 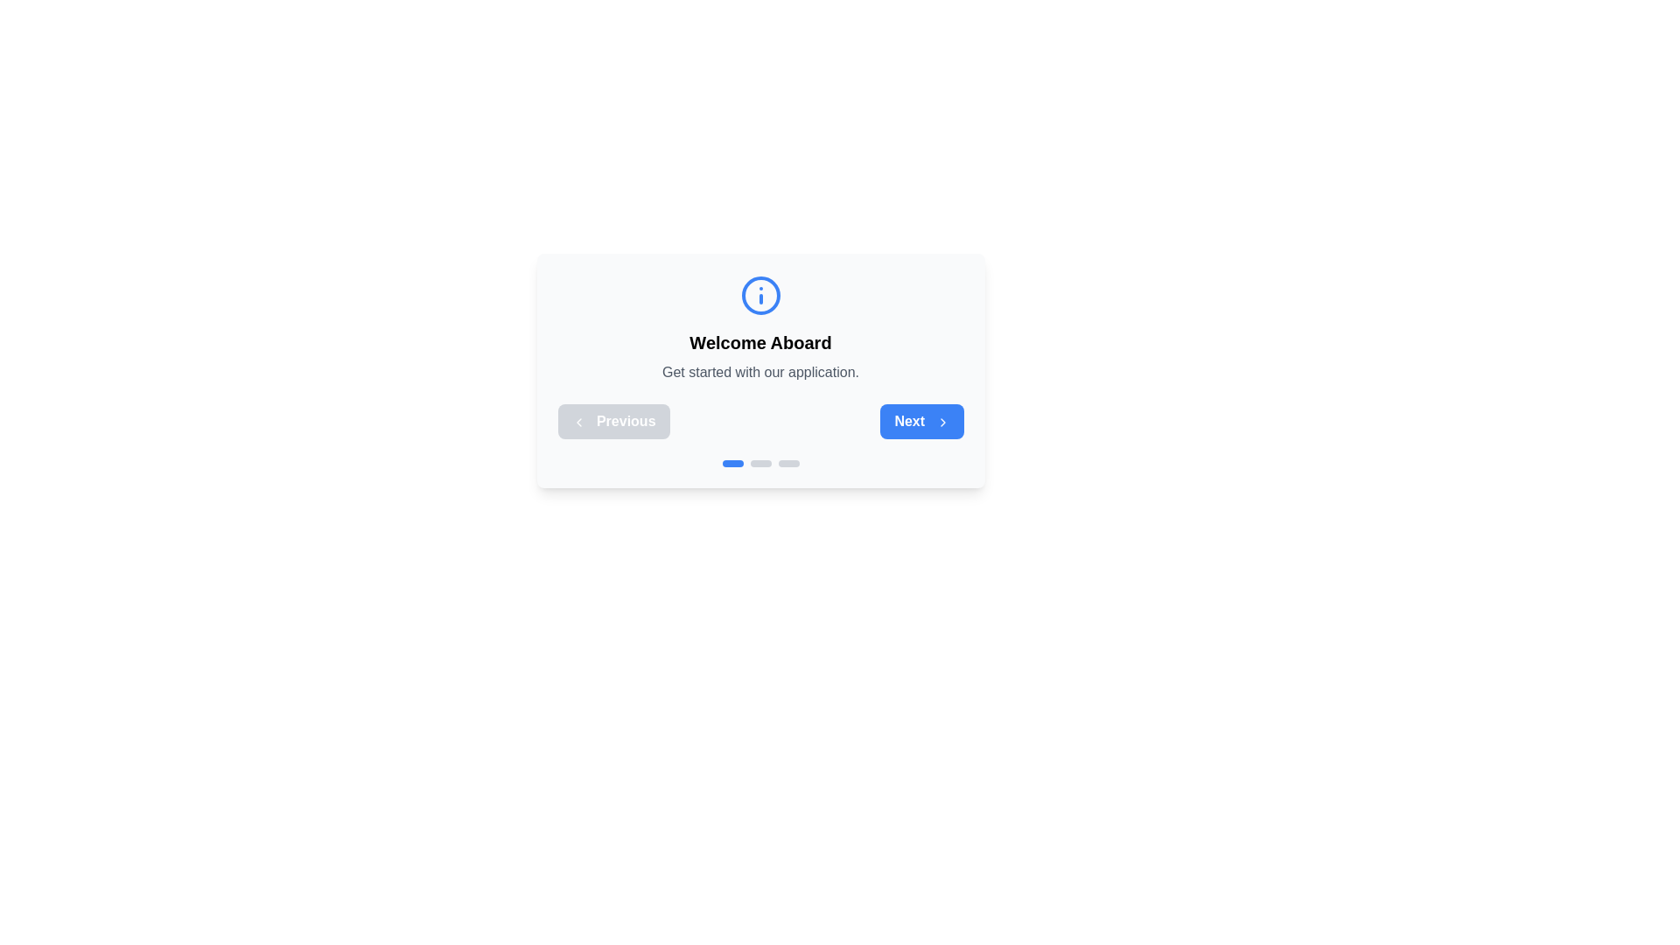 What do you see at coordinates (787, 462) in the screenshot?
I see `the third light gray rectangular indicator for navigation step located near the bottom center of the modal` at bounding box center [787, 462].